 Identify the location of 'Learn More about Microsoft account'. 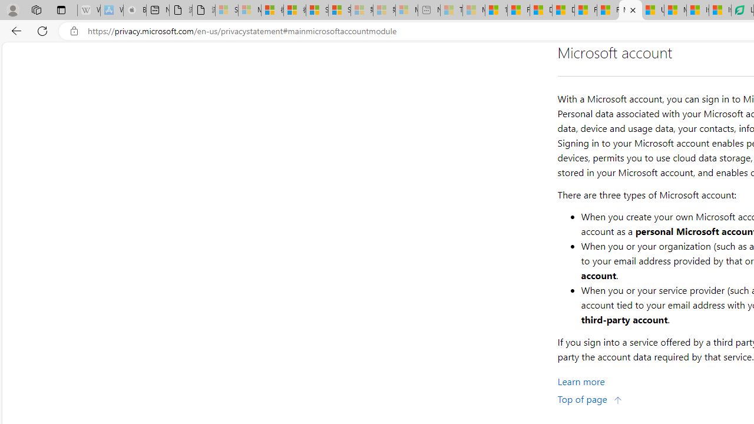
(581, 382).